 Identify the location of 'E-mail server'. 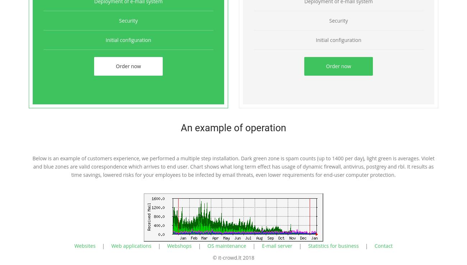
(262, 245).